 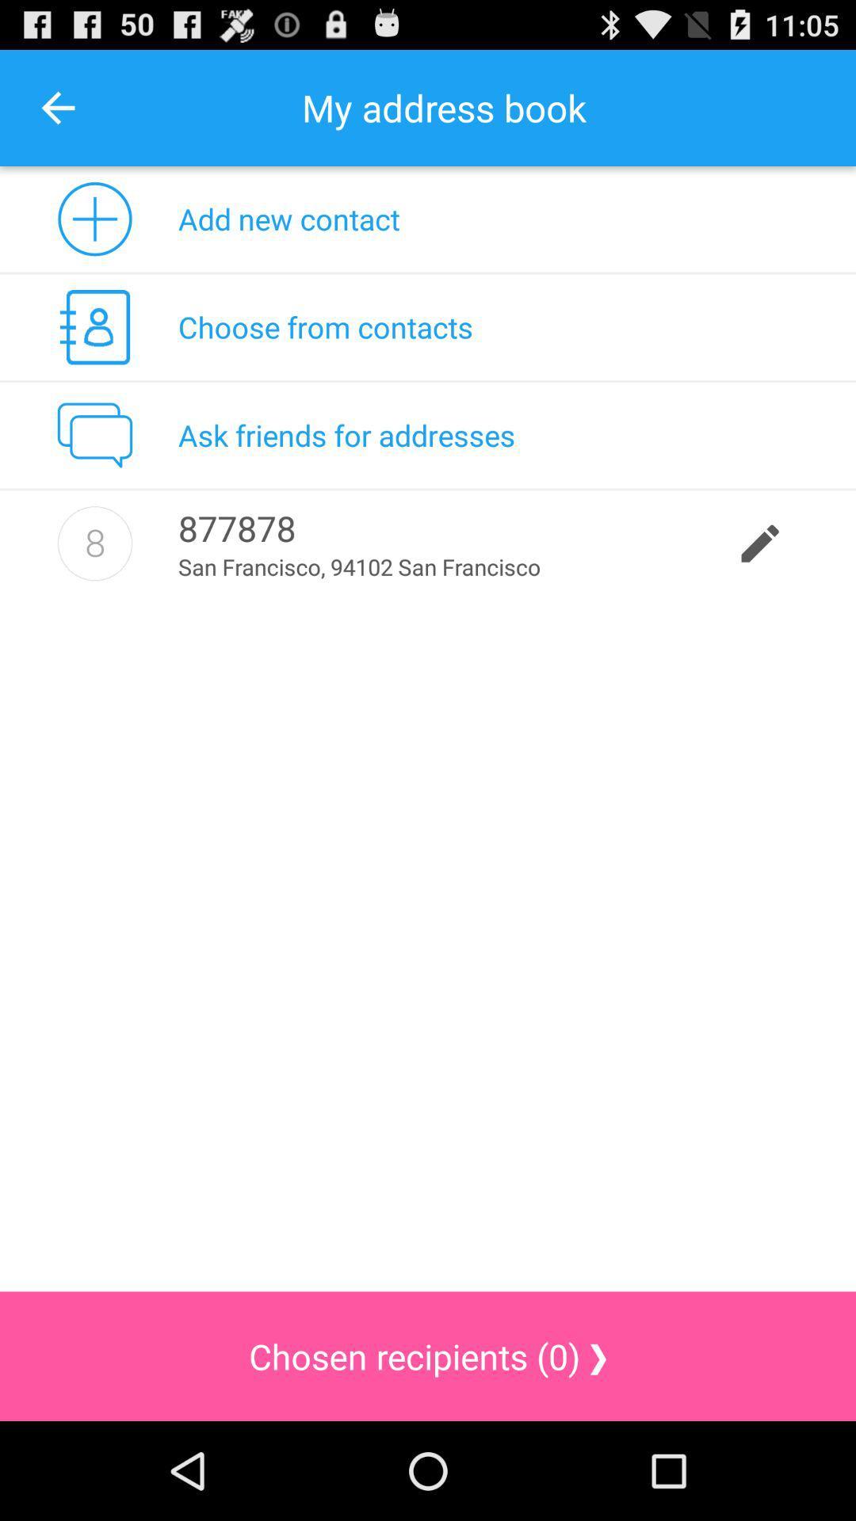 I want to click on icon to the left of 877878 icon, so click(x=94, y=543).